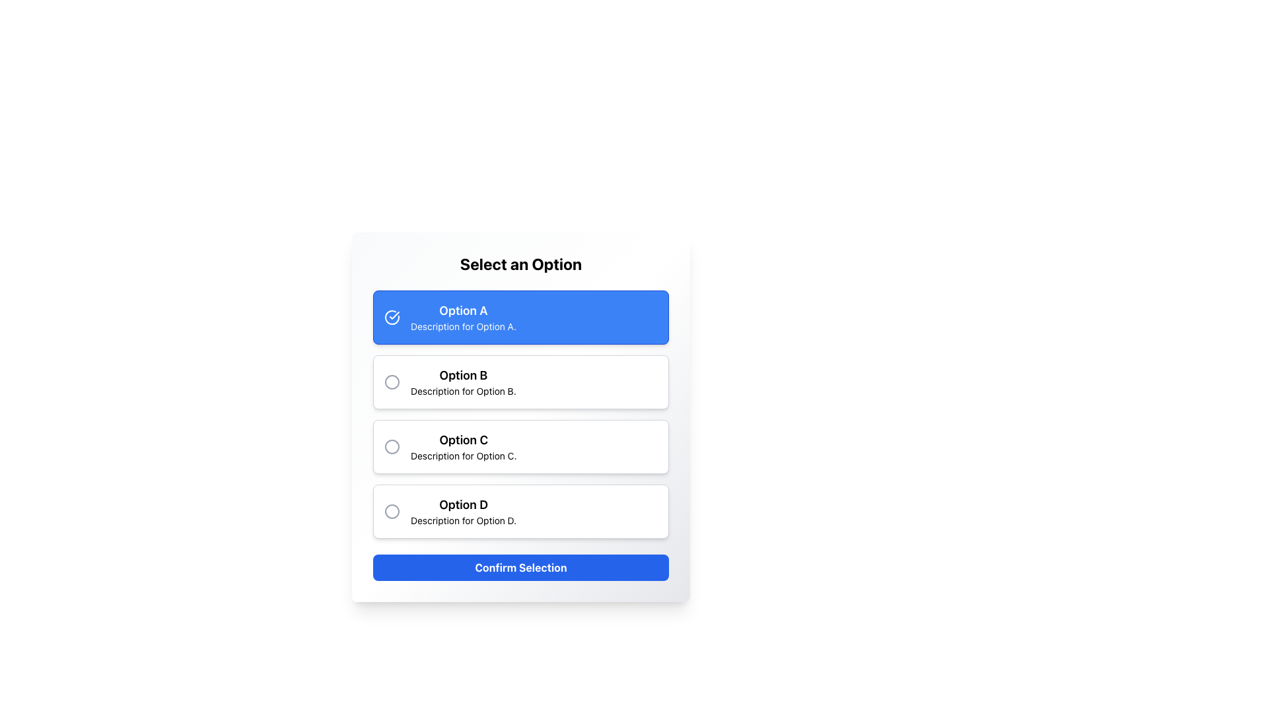 The width and height of the screenshot is (1268, 713). Describe the element at coordinates (464, 511) in the screenshot. I see `the selectable option labeled 'Option D' in the multiple-choice interface` at that location.